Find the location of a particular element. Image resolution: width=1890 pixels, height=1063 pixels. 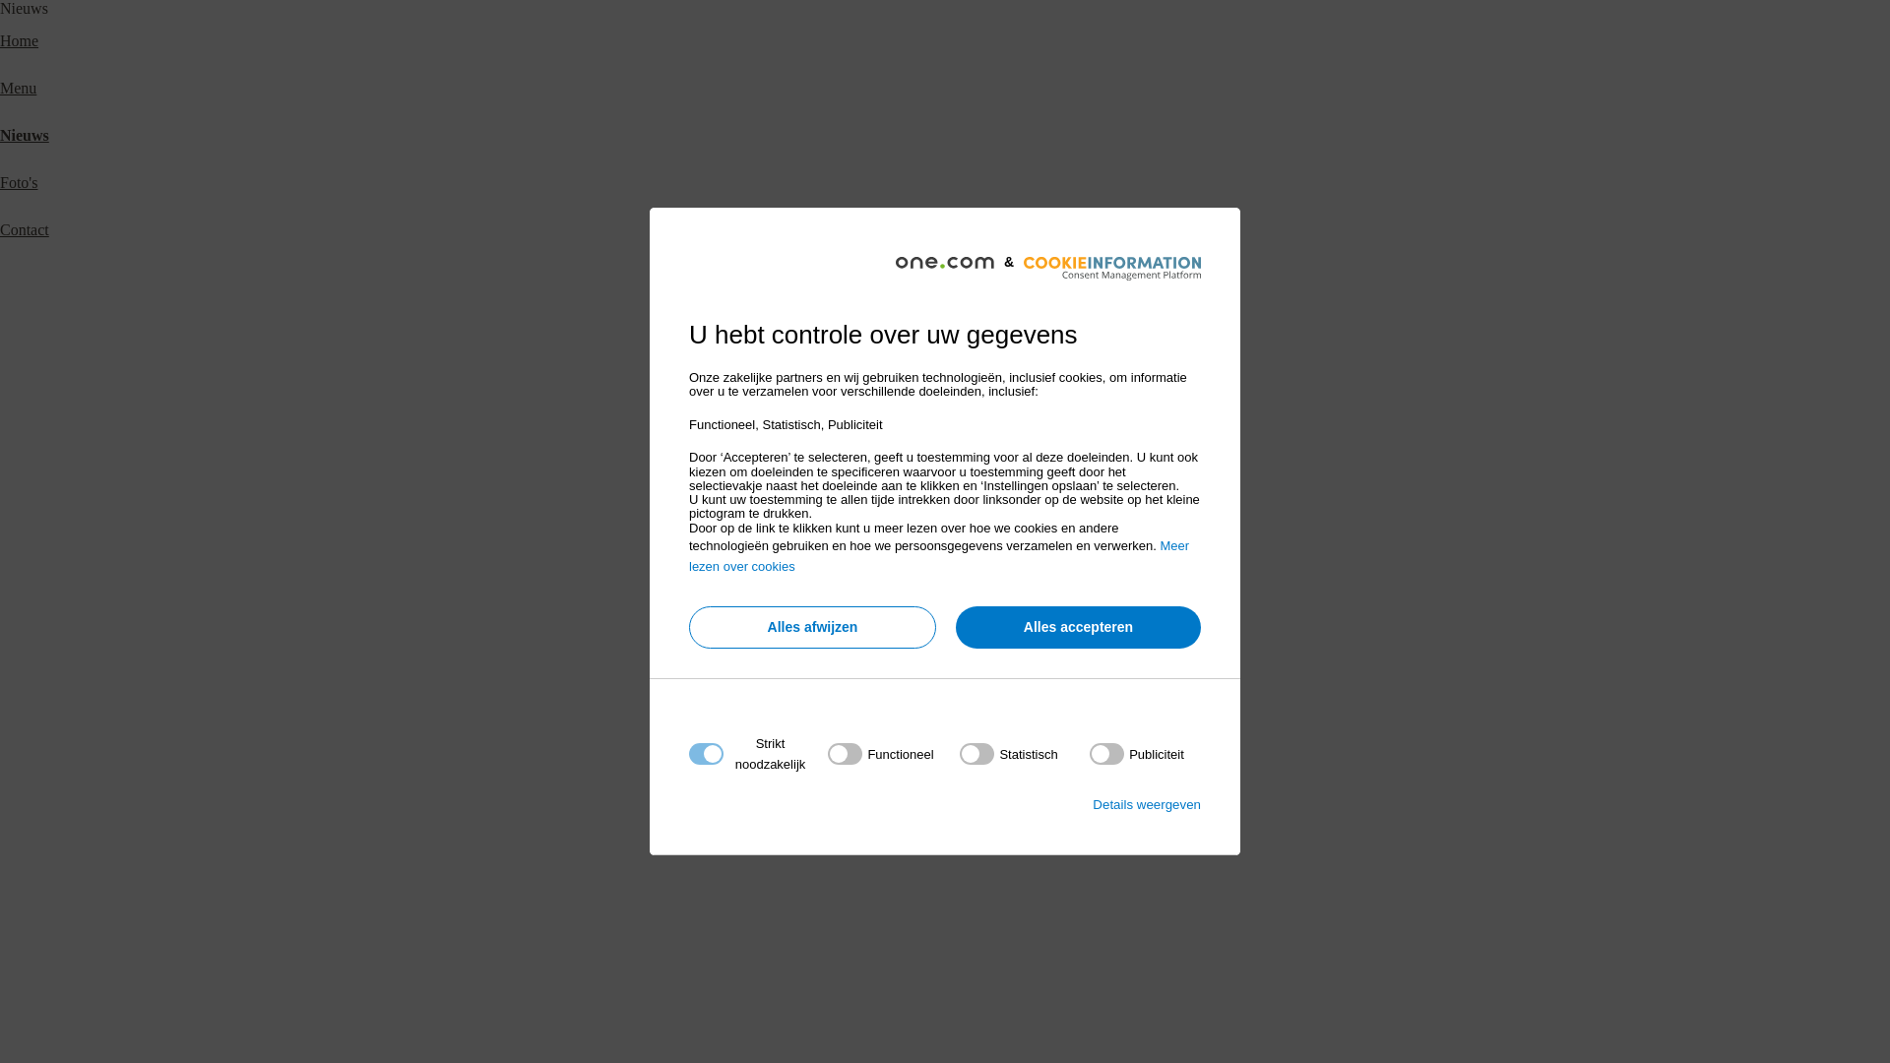

'Home' is located at coordinates (19, 40).